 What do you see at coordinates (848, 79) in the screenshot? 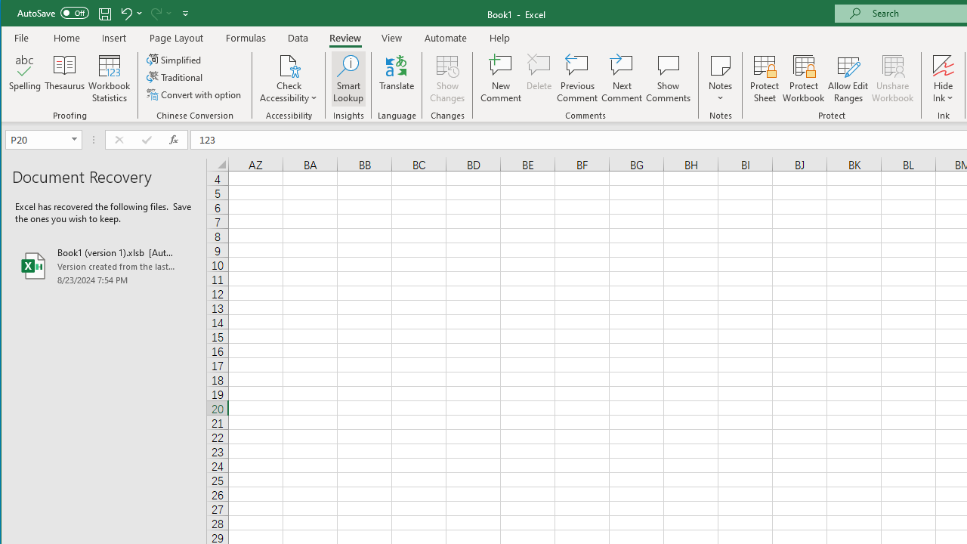
I see `'Allow Edit Ranges'` at bounding box center [848, 79].